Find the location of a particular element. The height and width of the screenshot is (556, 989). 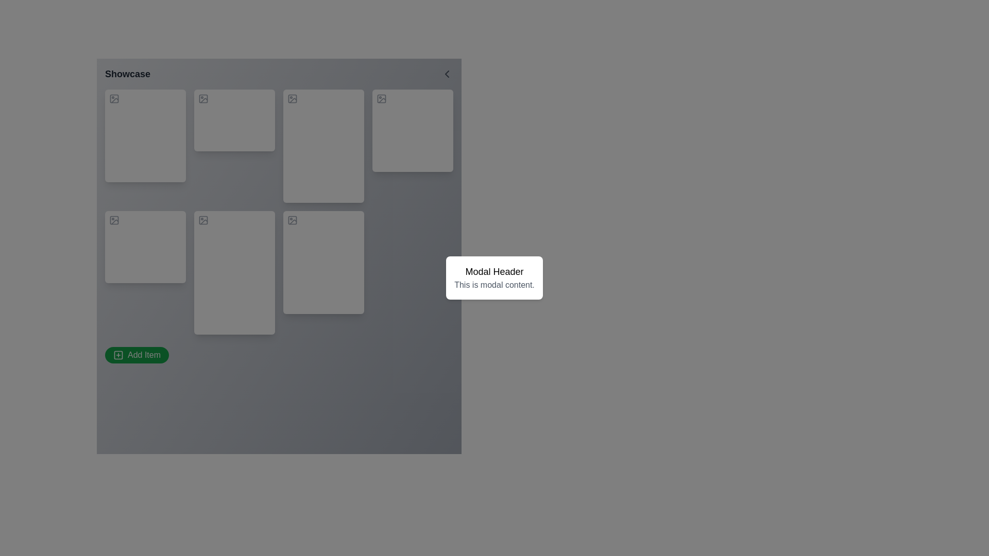

the small square icon with rounded corners inside the 'Add Item' button, located at the bottom-left part of the interface is located at coordinates (118, 355).